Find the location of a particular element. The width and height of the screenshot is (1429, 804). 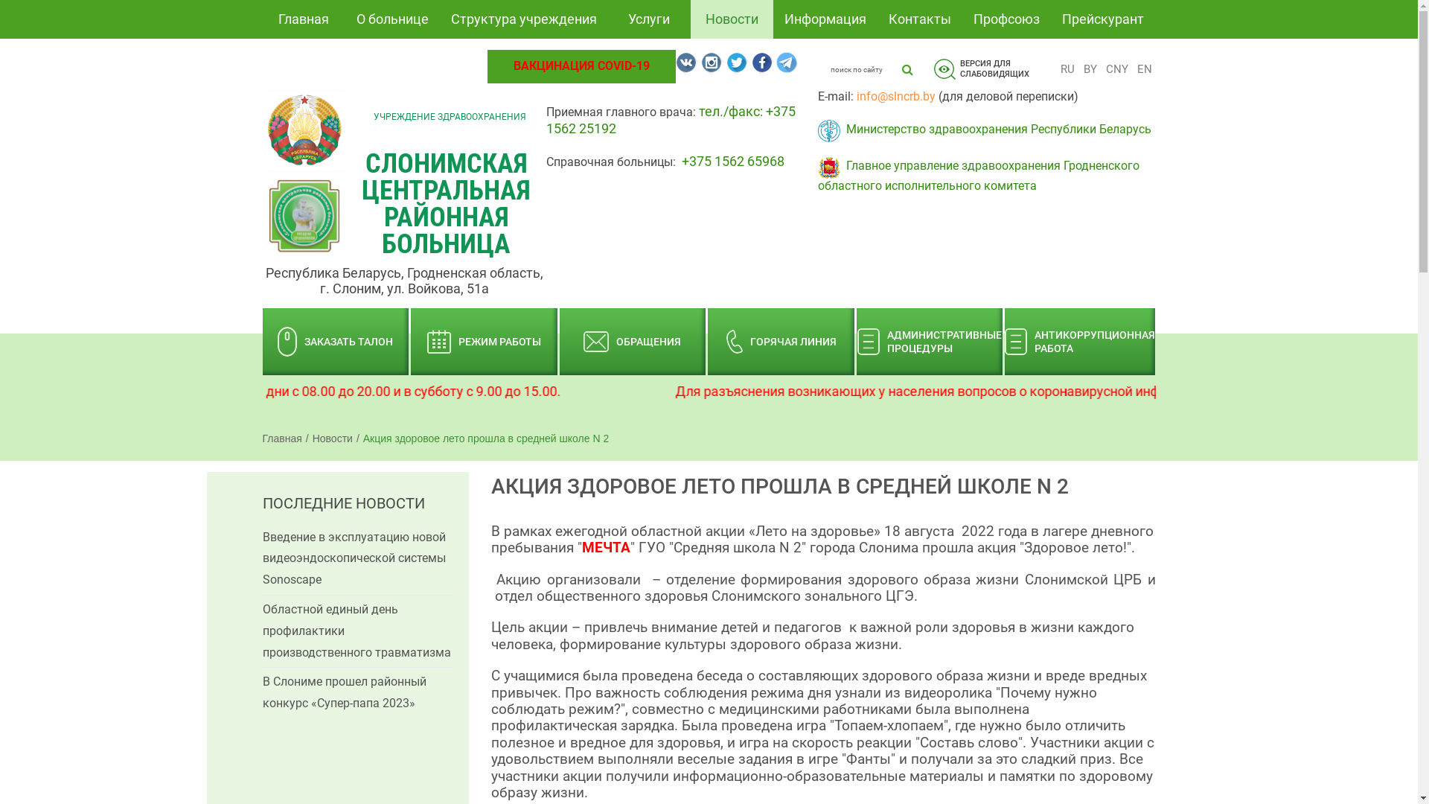

'BY' is located at coordinates (1090, 68).